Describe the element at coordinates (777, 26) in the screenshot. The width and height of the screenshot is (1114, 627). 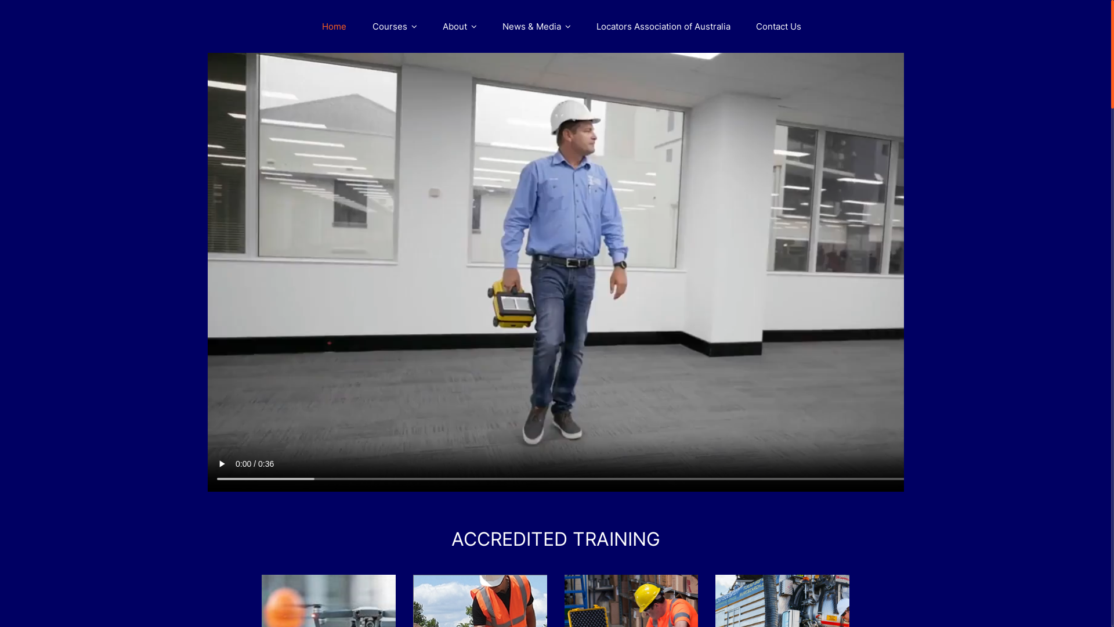
I see `'Contact Us'` at that location.